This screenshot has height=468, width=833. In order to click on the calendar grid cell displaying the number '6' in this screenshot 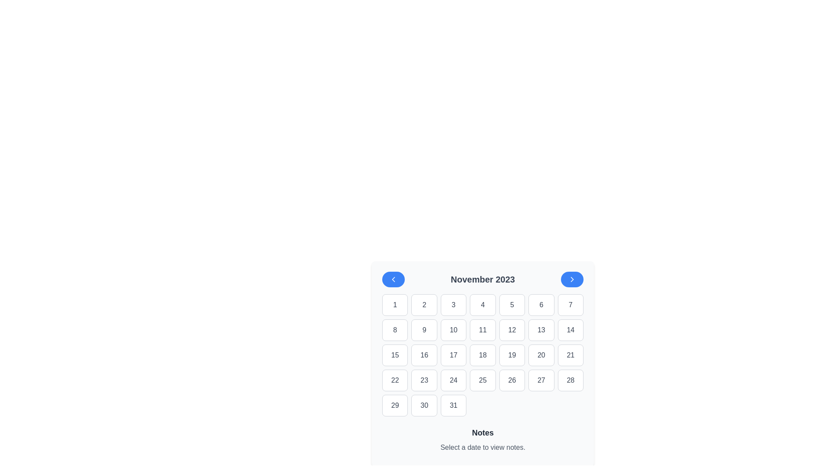, I will do `click(541, 305)`.